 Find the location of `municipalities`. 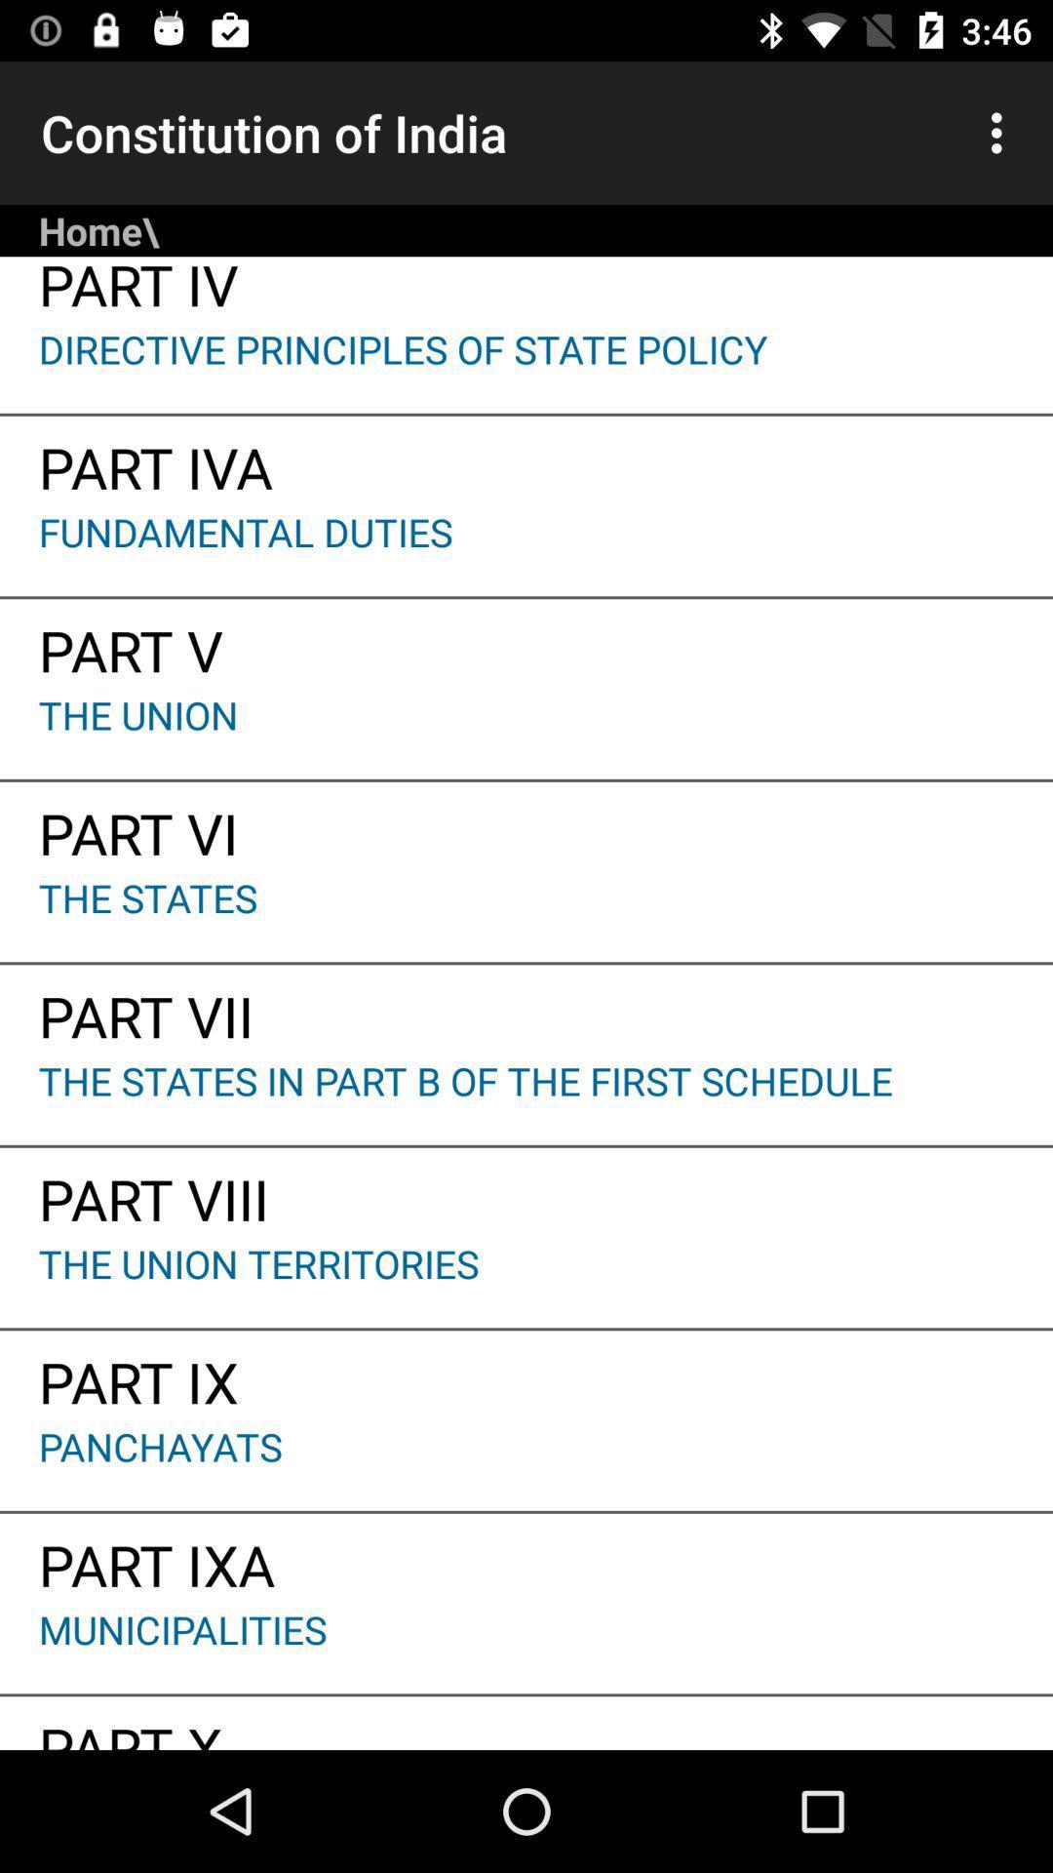

municipalities is located at coordinates (526, 1648).